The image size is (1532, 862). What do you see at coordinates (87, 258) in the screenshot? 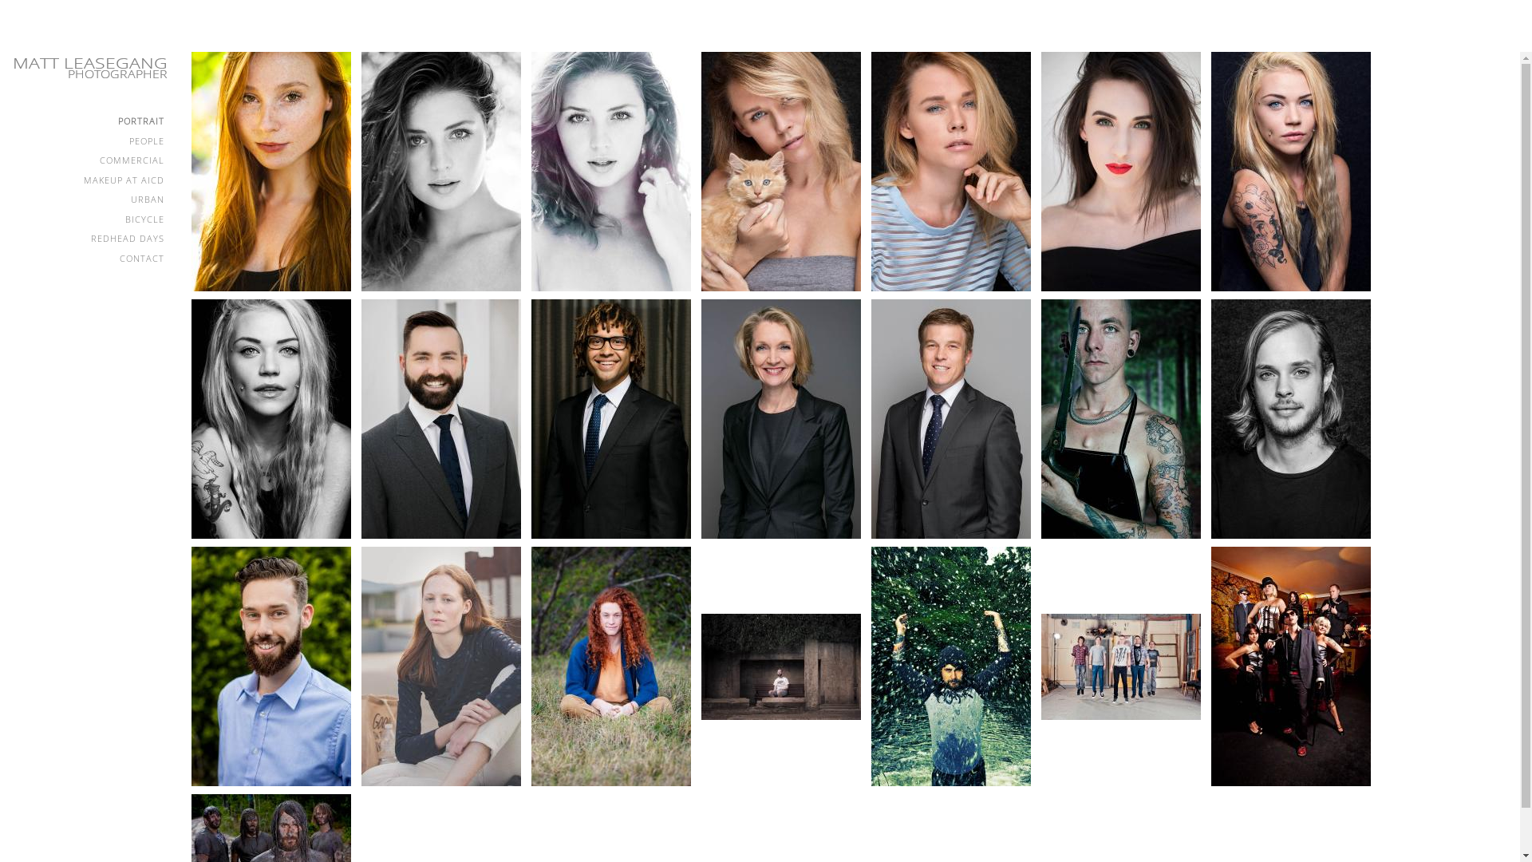
I see `'CONTACT'` at bounding box center [87, 258].